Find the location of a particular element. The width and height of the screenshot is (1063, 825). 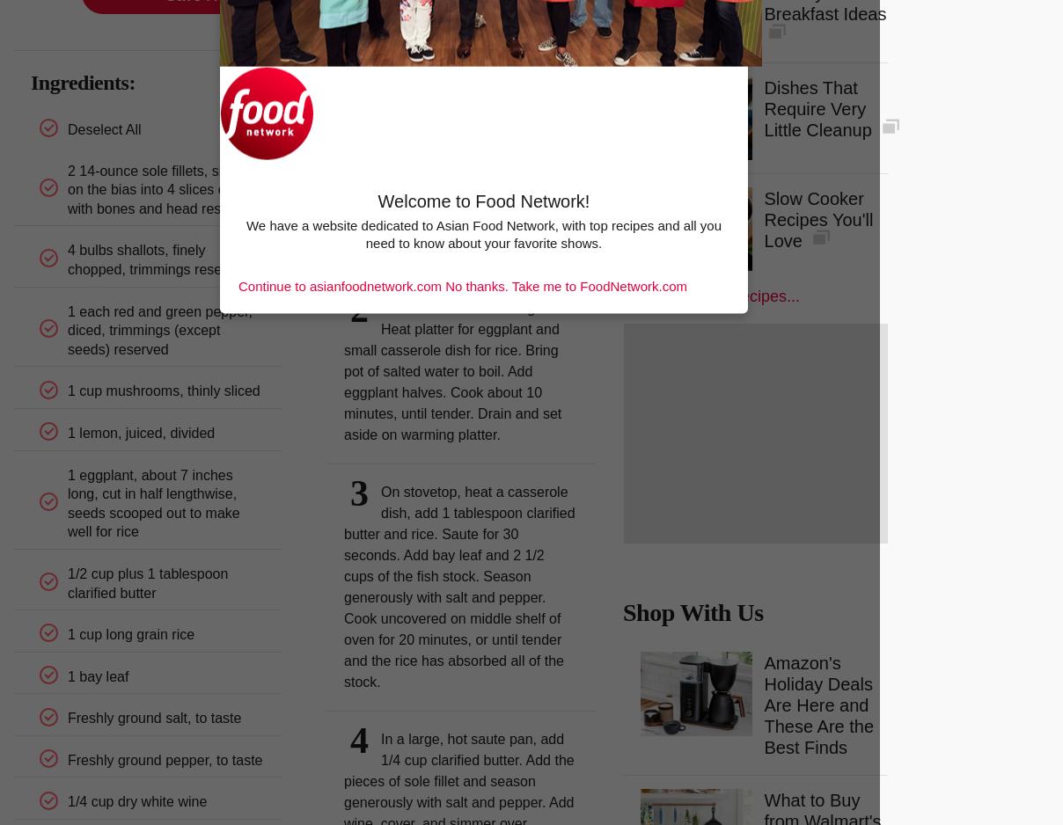

'We have a website dedicated to Asian Food Network, with top recipes and all you need to know about your favorite shows.' is located at coordinates (483, 232).